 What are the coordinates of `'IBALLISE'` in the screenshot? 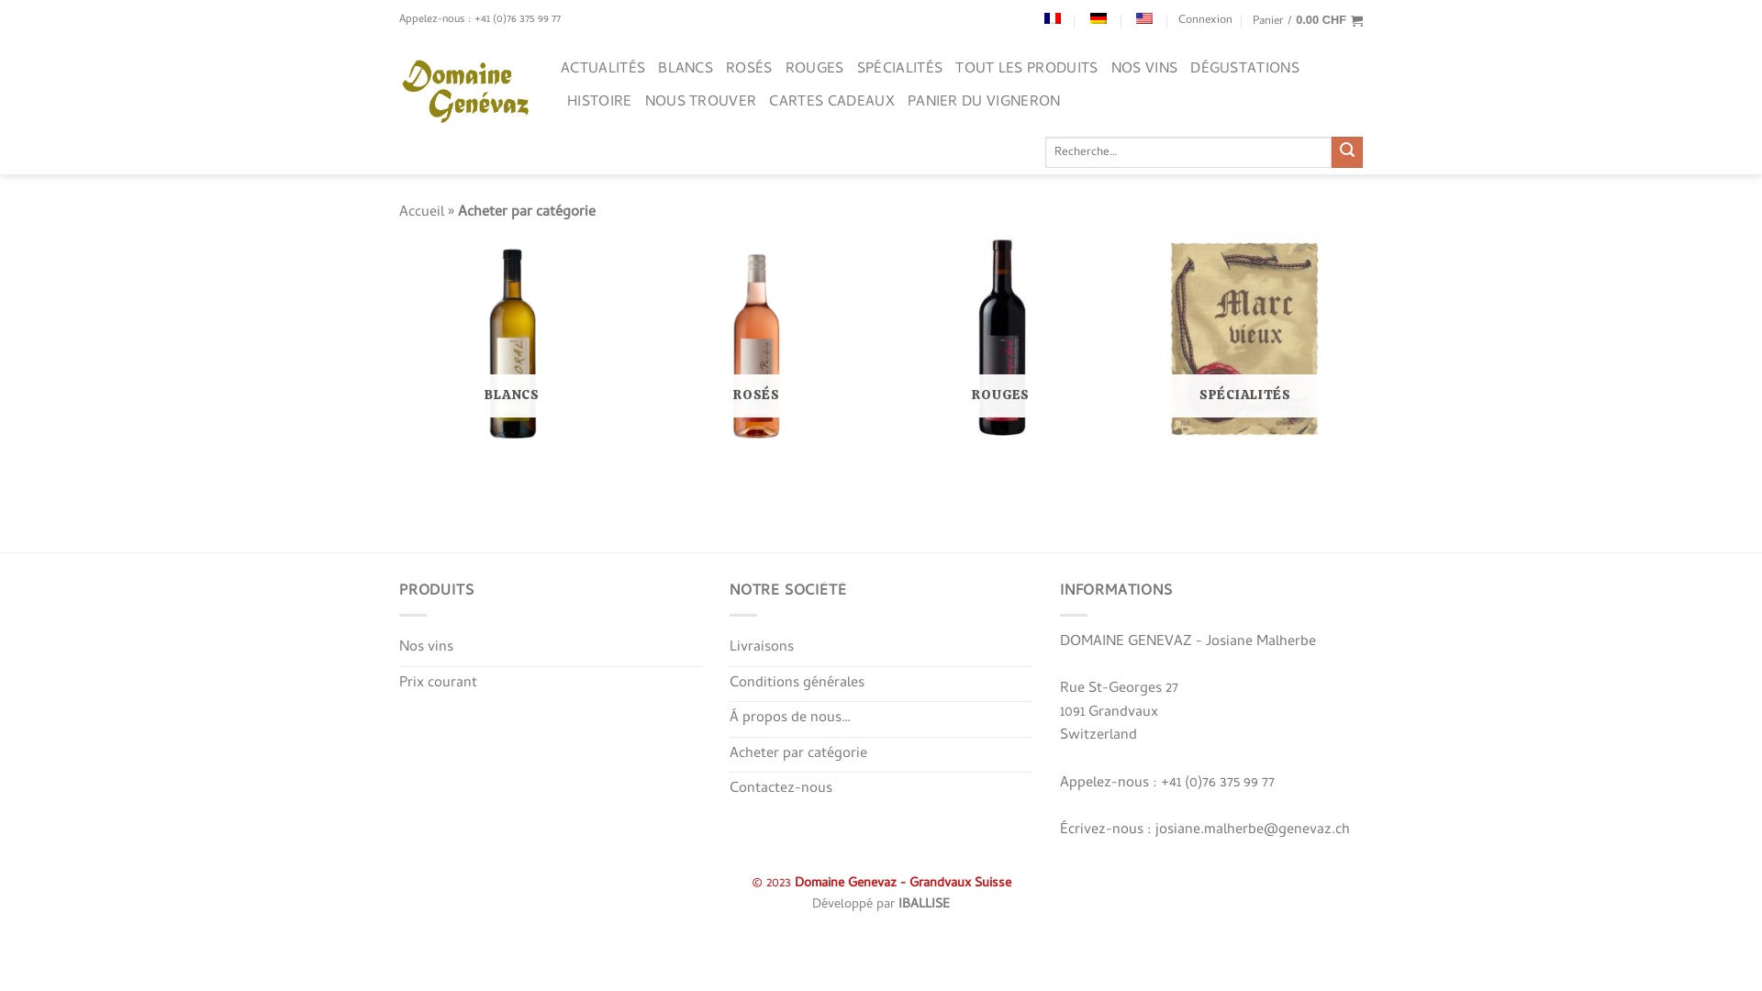 It's located at (924, 904).